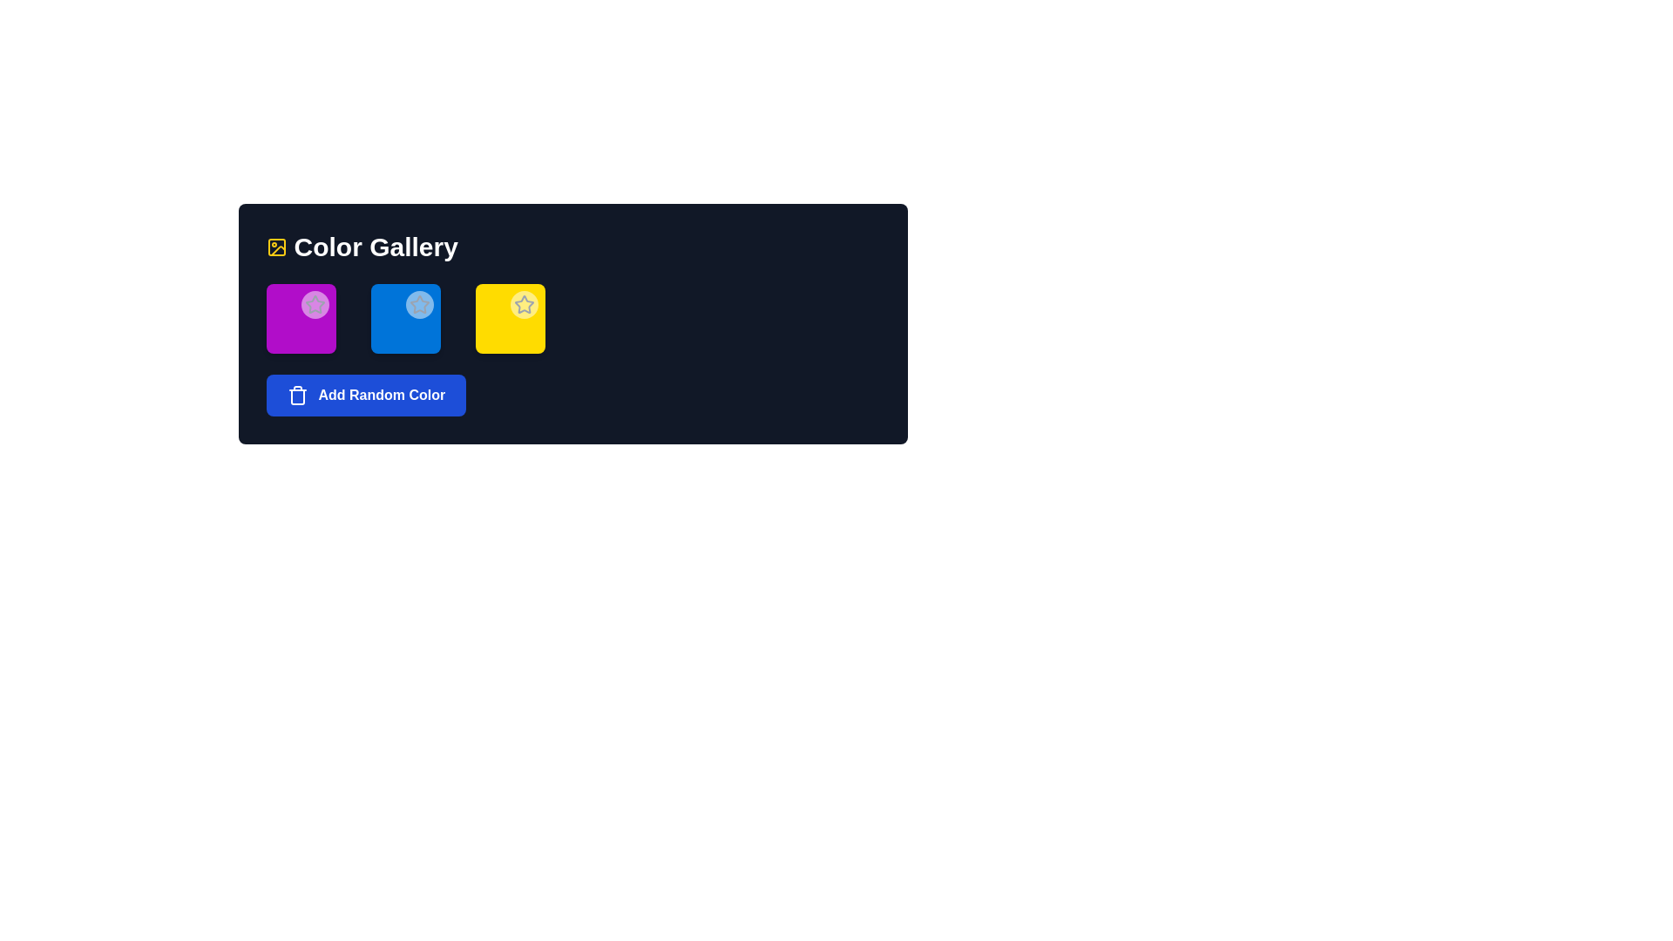 The width and height of the screenshot is (1673, 941). What do you see at coordinates (365, 396) in the screenshot?
I see `the button located directly below the grid of color squares in the 'Color Gallery' section` at bounding box center [365, 396].